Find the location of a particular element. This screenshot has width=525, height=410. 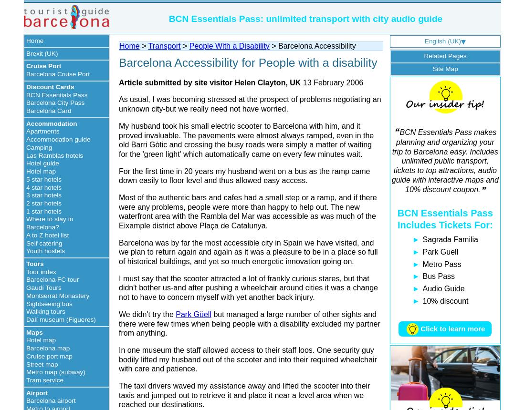

'We didn't try the' is located at coordinates (147, 314).